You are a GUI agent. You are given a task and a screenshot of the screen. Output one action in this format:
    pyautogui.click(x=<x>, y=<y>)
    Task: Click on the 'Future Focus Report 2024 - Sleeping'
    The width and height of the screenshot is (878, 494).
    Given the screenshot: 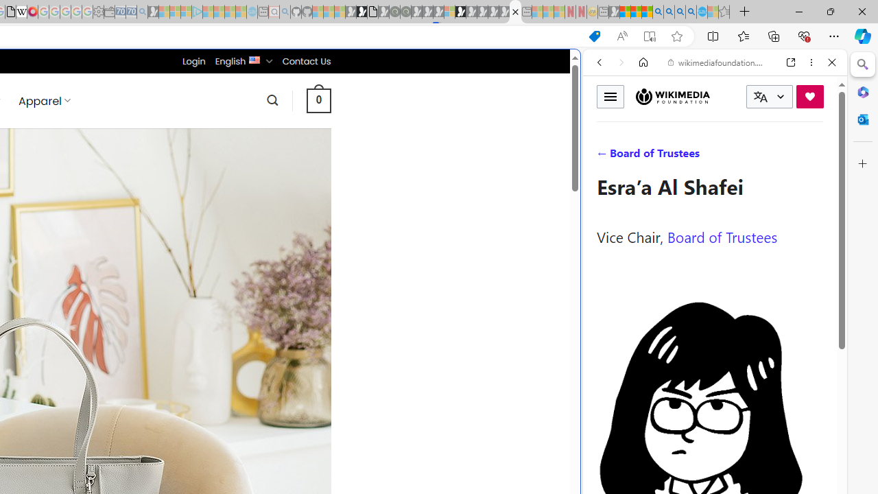 What is the action you would take?
    pyautogui.click(x=405, y=12)
    